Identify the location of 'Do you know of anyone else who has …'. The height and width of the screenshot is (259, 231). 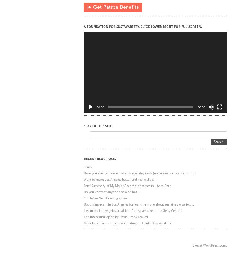
(112, 191).